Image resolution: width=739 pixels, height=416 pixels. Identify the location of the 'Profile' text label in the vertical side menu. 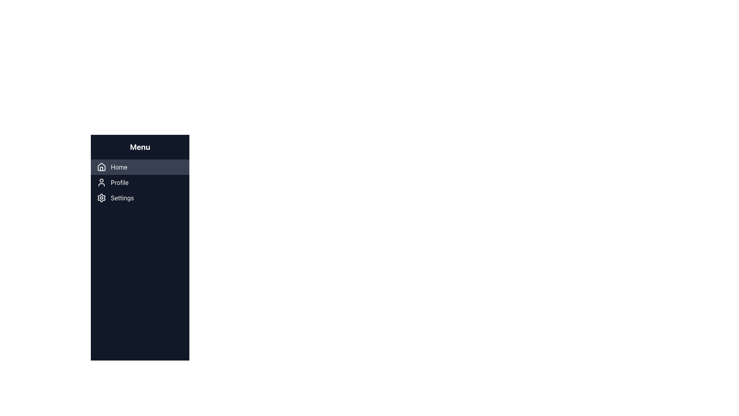
(119, 183).